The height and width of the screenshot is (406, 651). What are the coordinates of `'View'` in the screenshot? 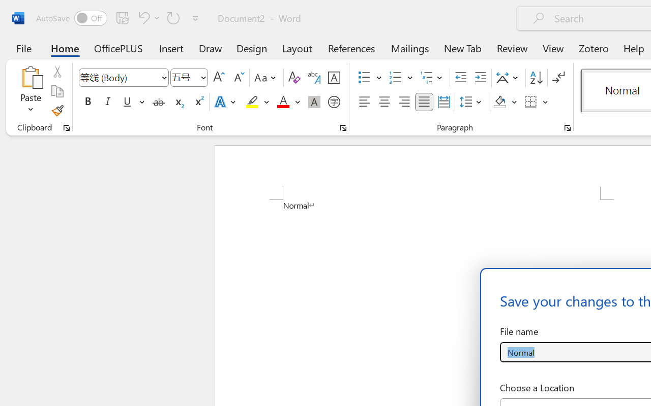 It's located at (553, 48).